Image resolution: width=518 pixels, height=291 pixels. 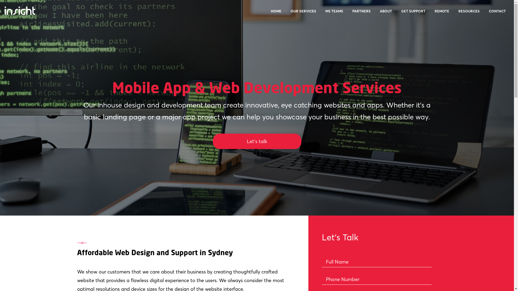 I want to click on 'ABOUT', so click(x=386, y=14).